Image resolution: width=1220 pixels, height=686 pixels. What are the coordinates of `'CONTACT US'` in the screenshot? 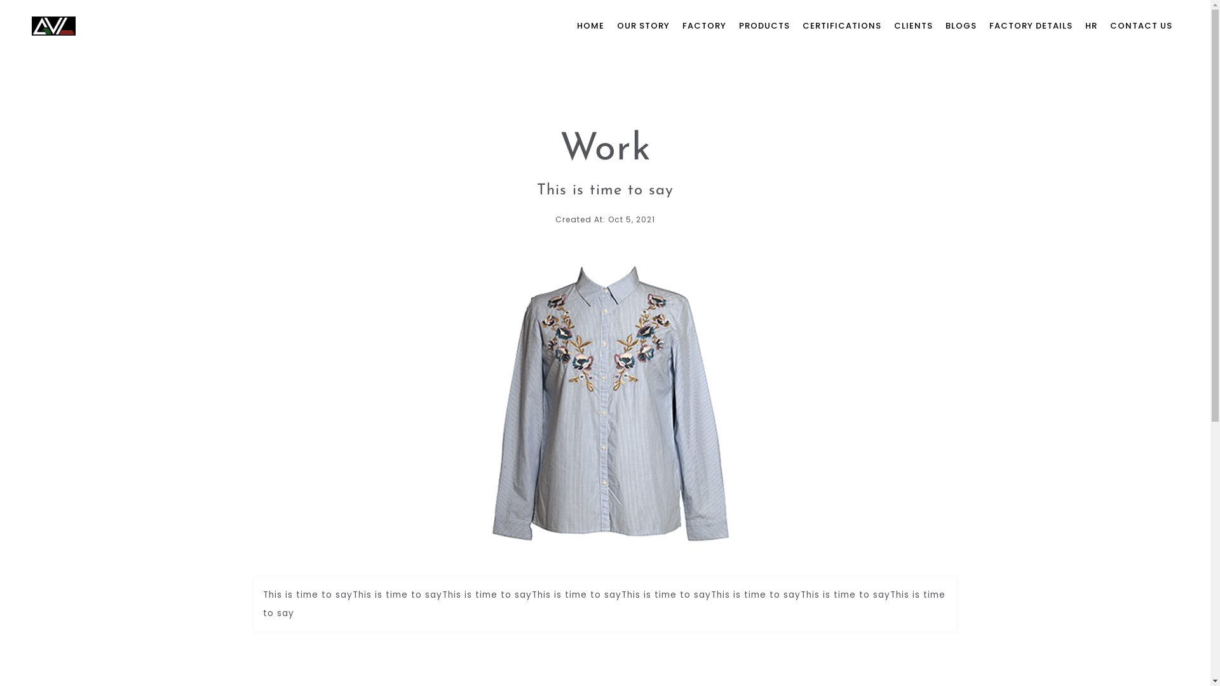 It's located at (1103, 25).